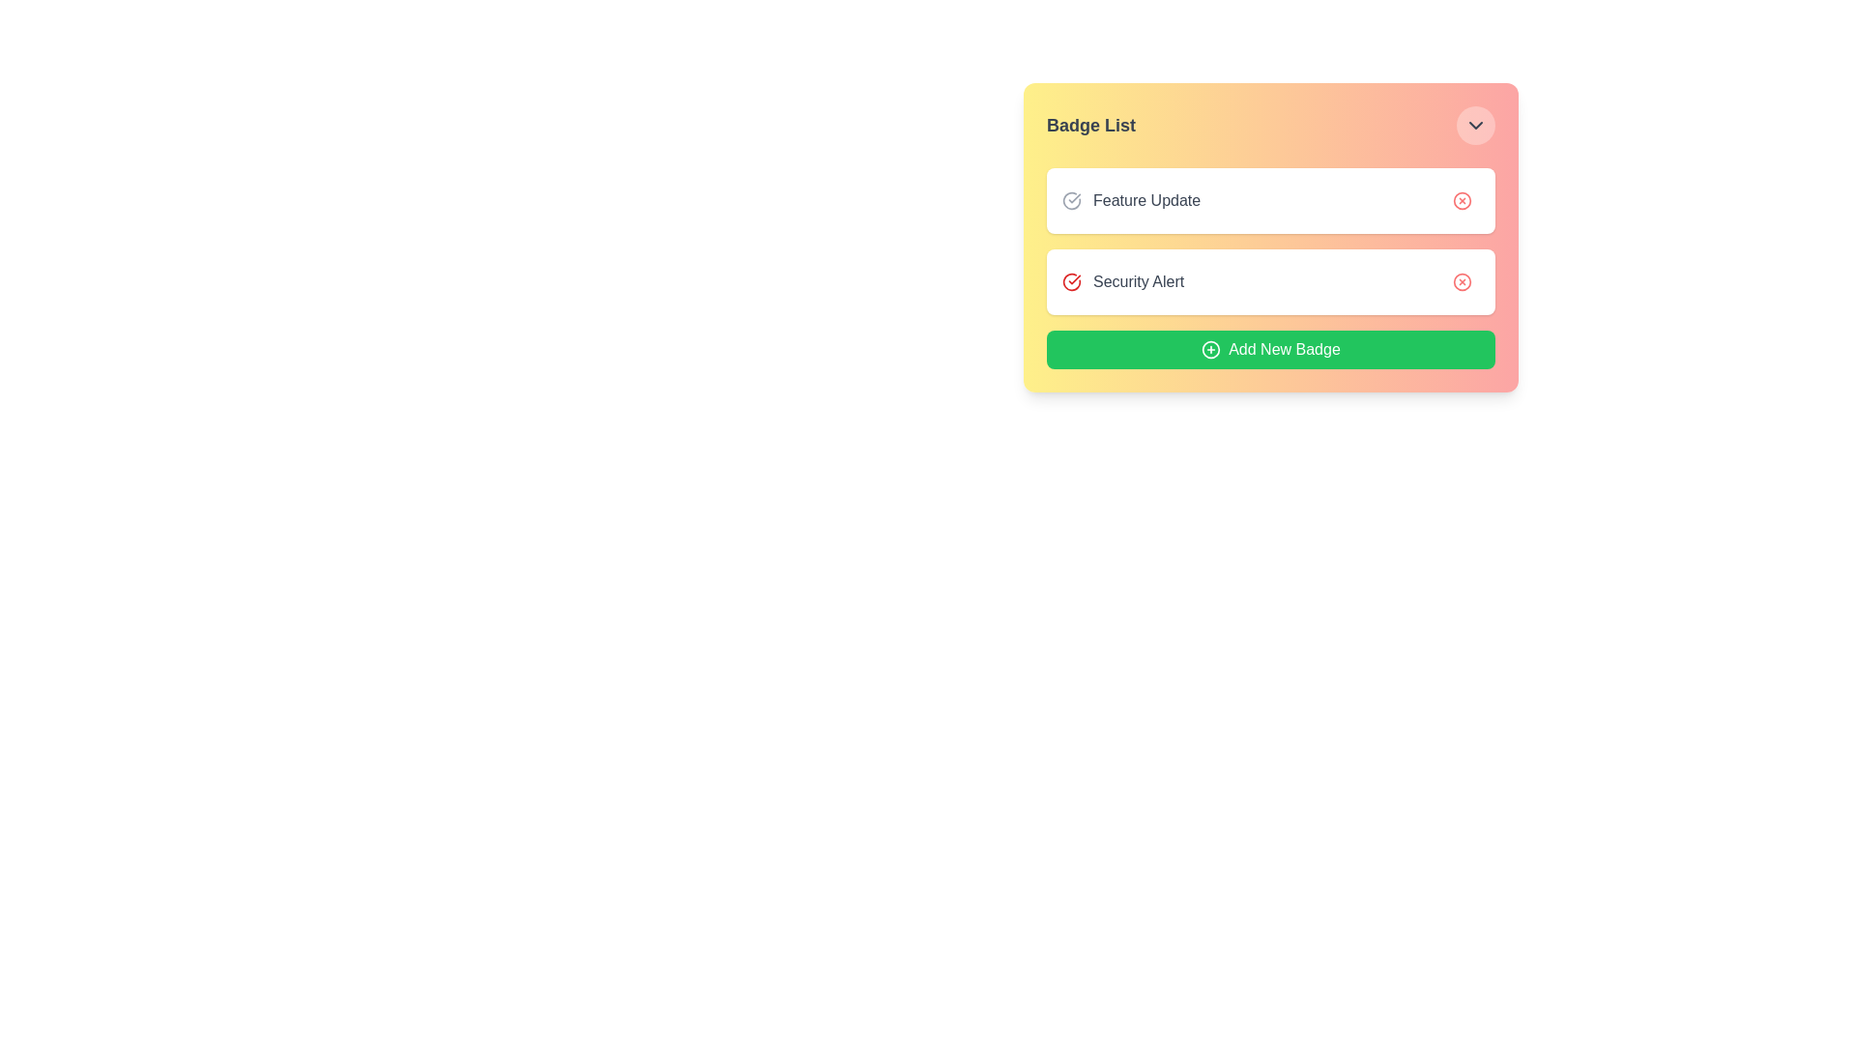 The width and height of the screenshot is (1856, 1044). What do you see at coordinates (1139, 282) in the screenshot?
I see `the 'Security Alert' text label, which is styled in gray and is part of the 'Badge List' in the second row, positioned to the right of an icon with a circle and checkmark` at bounding box center [1139, 282].